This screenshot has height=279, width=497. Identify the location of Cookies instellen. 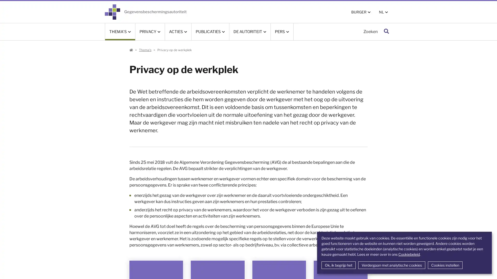
(444, 265).